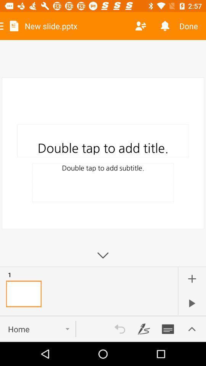 Image resolution: width=206 pixels, height=366 pixels. I want to click on write, so click(168, 329).